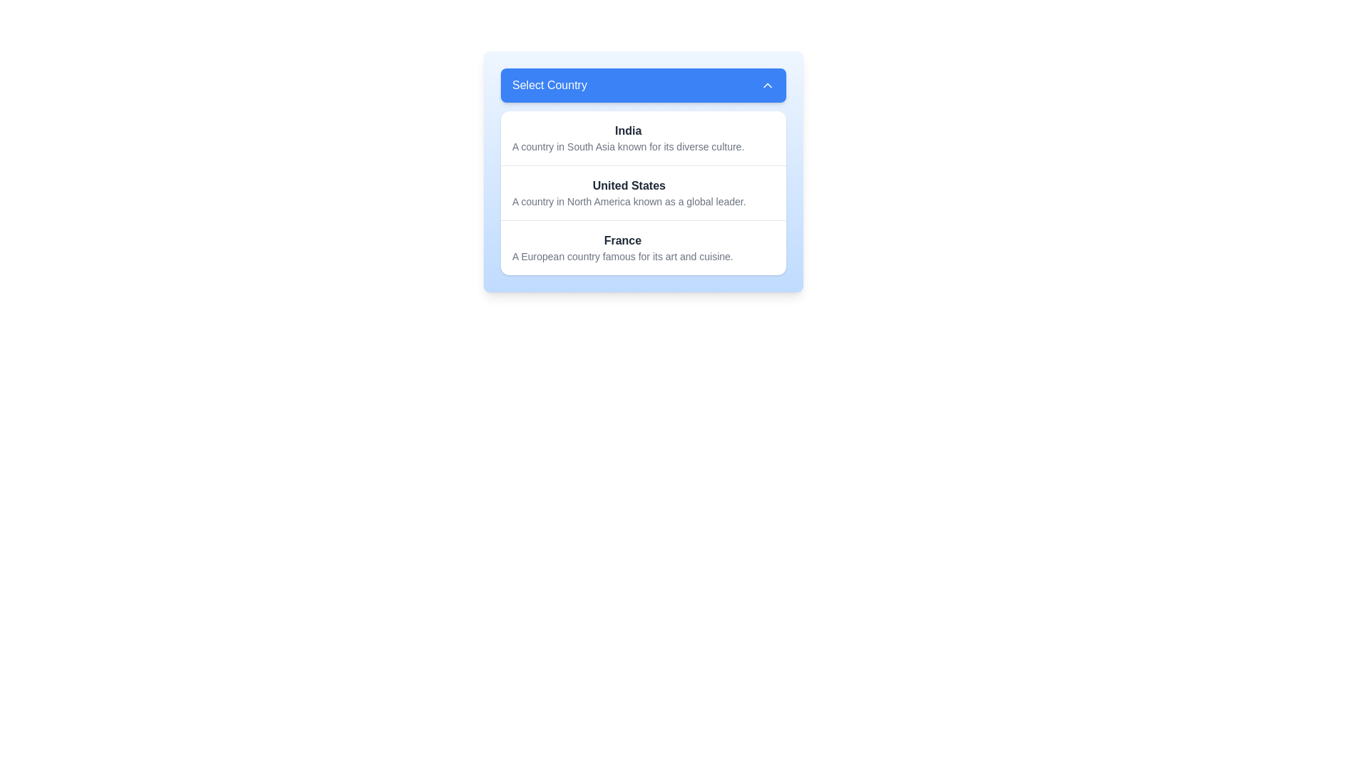 Image resolution: width=1370 pixels, height=770 pixels. I want to click on the chevron icon located in the top-right corner of the blue header section labeled 'Select Country', so click(766, 85).